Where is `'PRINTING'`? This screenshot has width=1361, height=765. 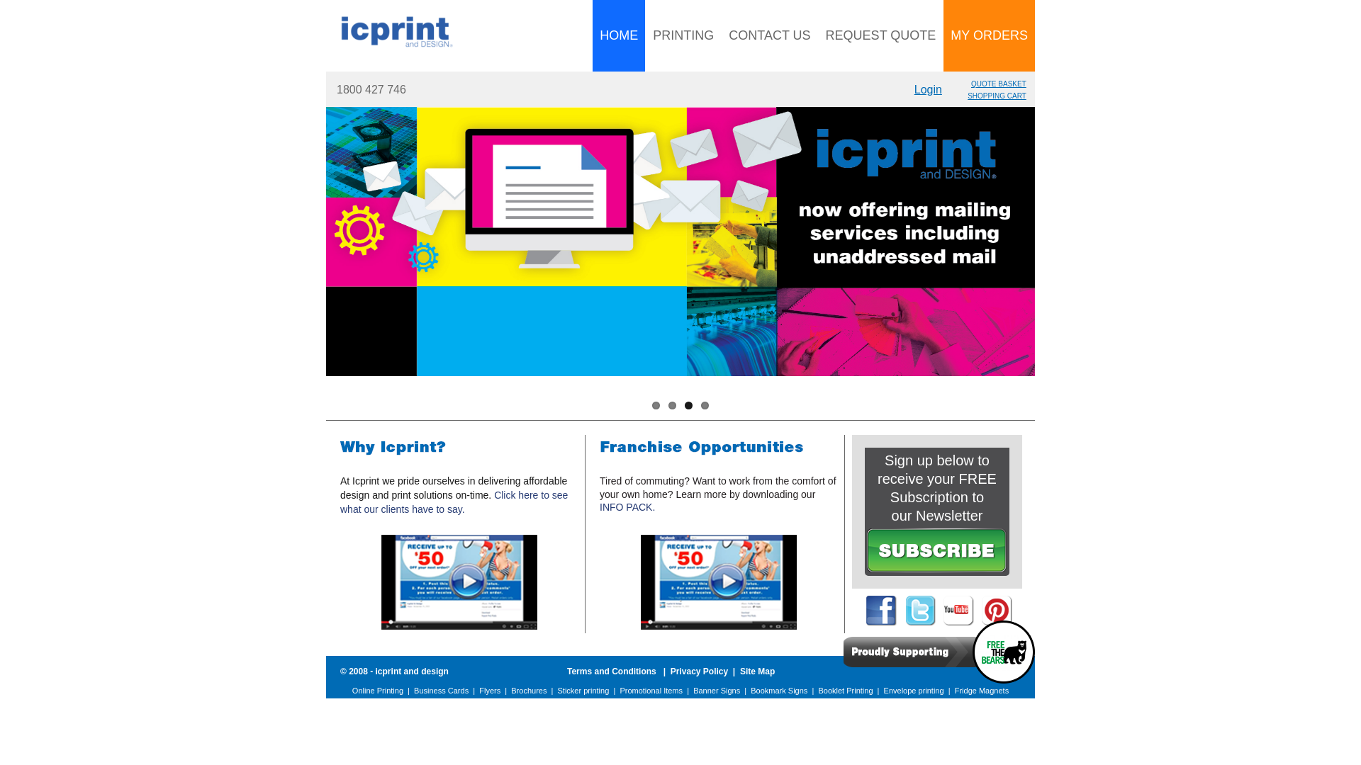 'PRINTING' is located at coordinates (645, 35).